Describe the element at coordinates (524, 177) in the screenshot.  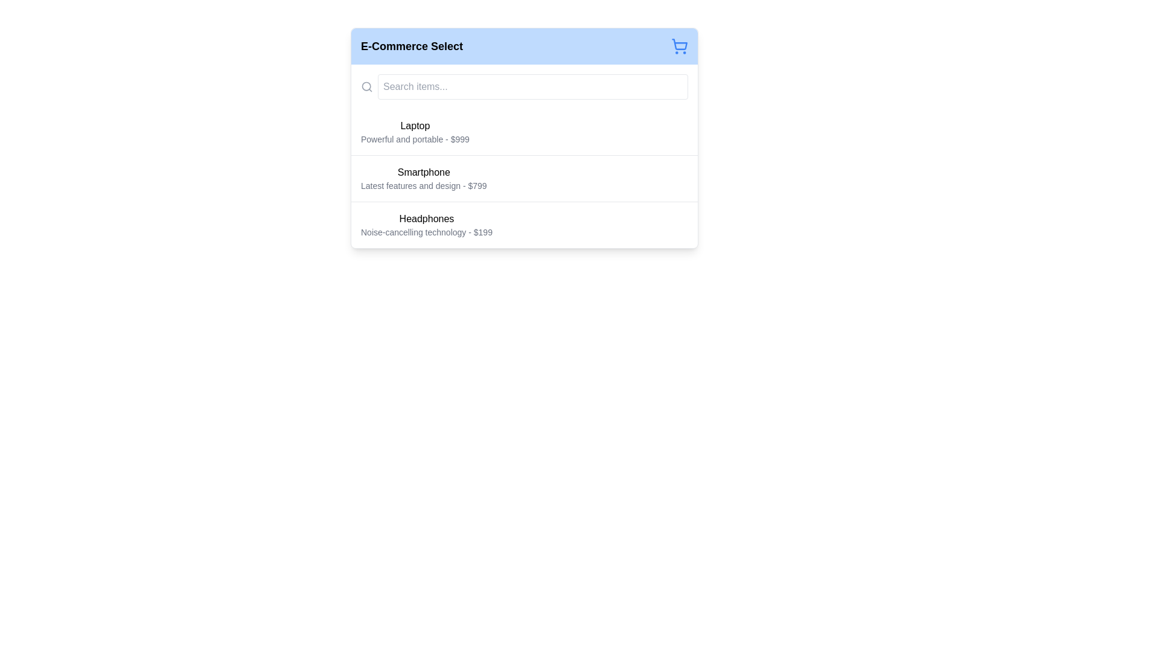
I see `the list item displaying 'Smartphone' with the description 'Latest features and design - $799'` at that location.